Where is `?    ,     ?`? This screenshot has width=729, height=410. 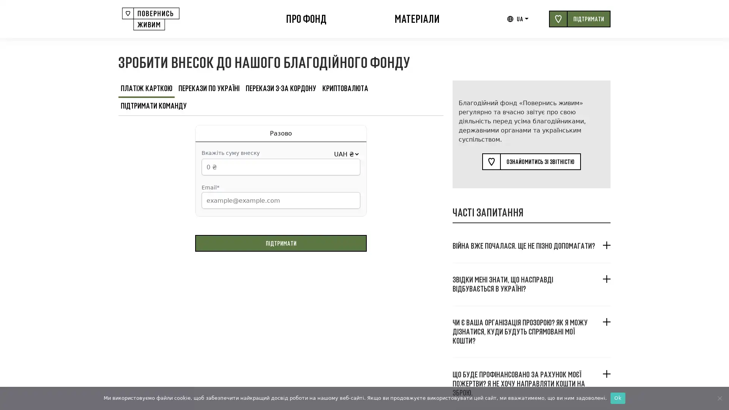 ?    ,     ? is located at coordinates (531, 331).